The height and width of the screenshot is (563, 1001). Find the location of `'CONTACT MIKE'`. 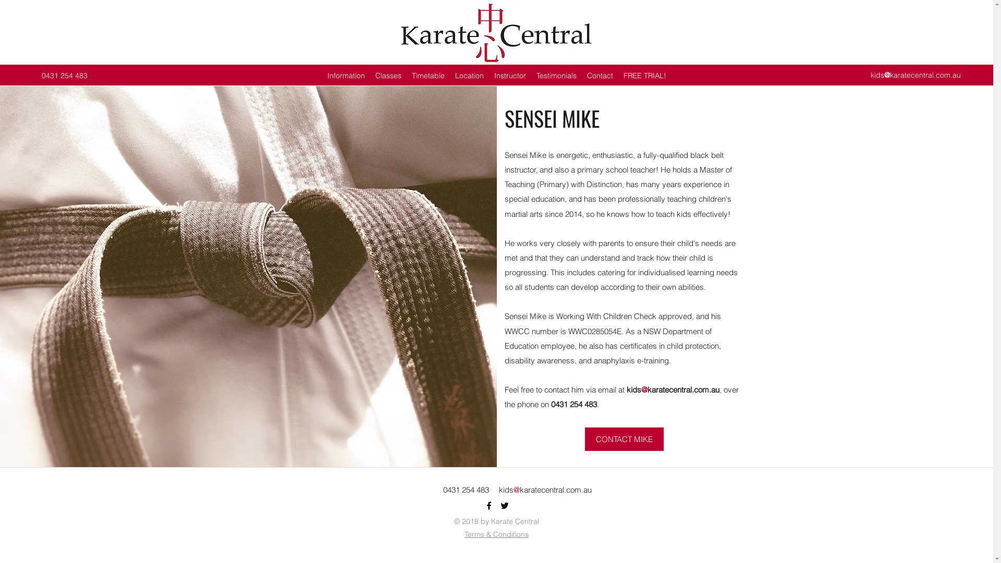

'CONTACT MIKE' is located at coordinates (624, 439).